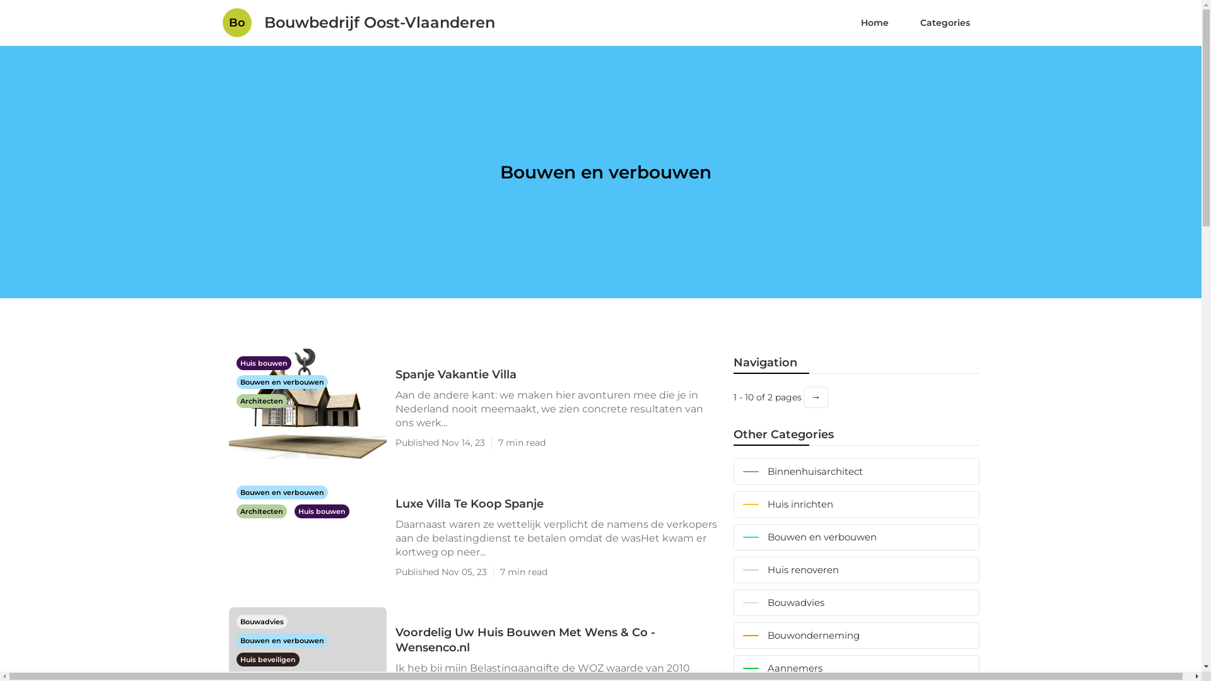 Image resolution: width=1211 pixels, height=681 pixels. I want to click on 'Bouwen en verbouwen', so click(856, 537).